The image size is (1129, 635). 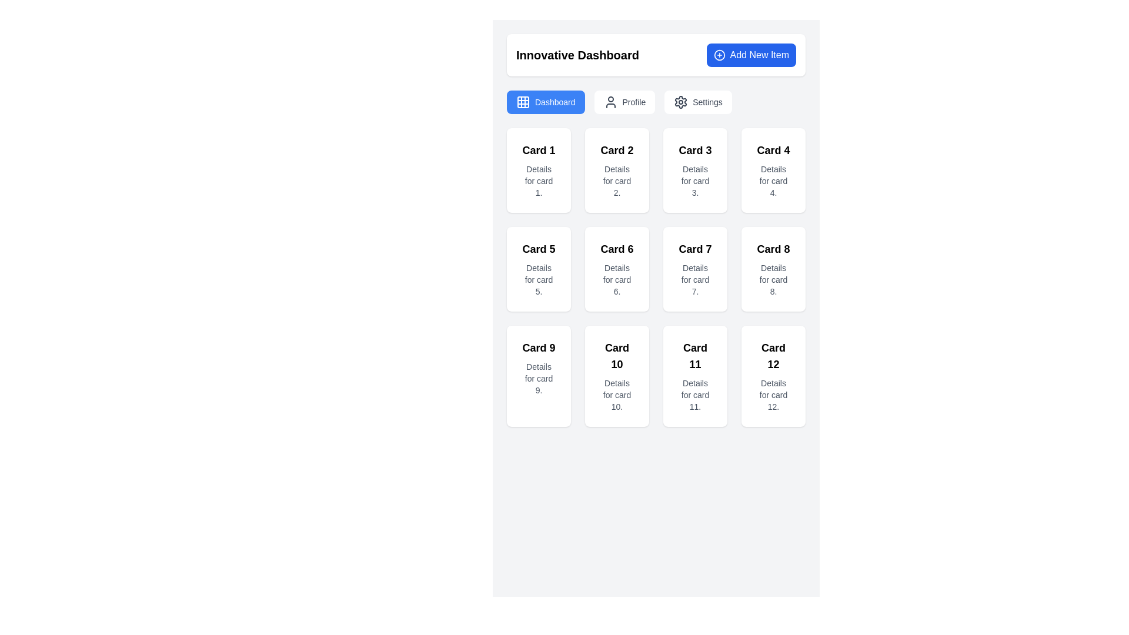 What do you see at coordinates (695, 279) in the screenshot?
I see `the static text label containing 'Details for card 7.' located below the title 'Card 7' in the card labeled 'Card 7' on the dashboard interface` at bounding box center [695, 279].